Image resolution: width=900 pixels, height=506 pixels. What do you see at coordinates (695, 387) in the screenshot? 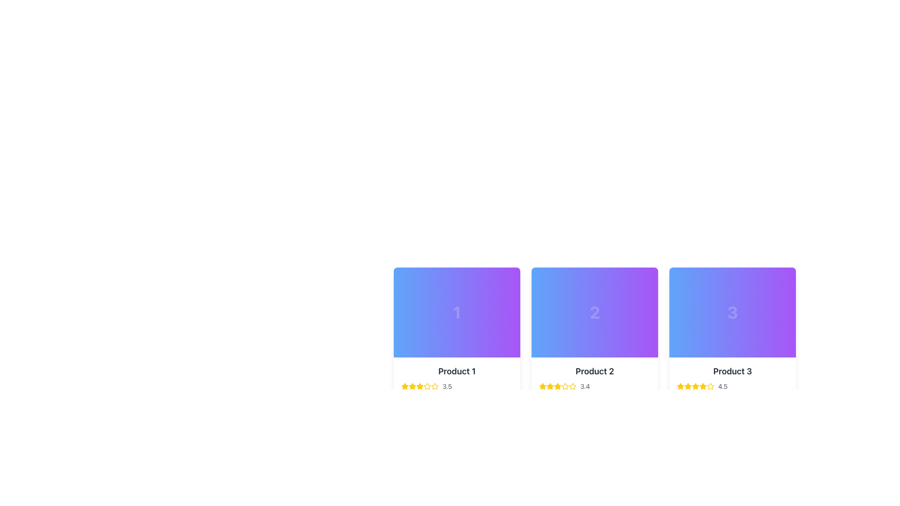
I see `the fourth yellow star in the star-based rating system located below the product card of 'Product 3'` at bounding box center [695, 387].